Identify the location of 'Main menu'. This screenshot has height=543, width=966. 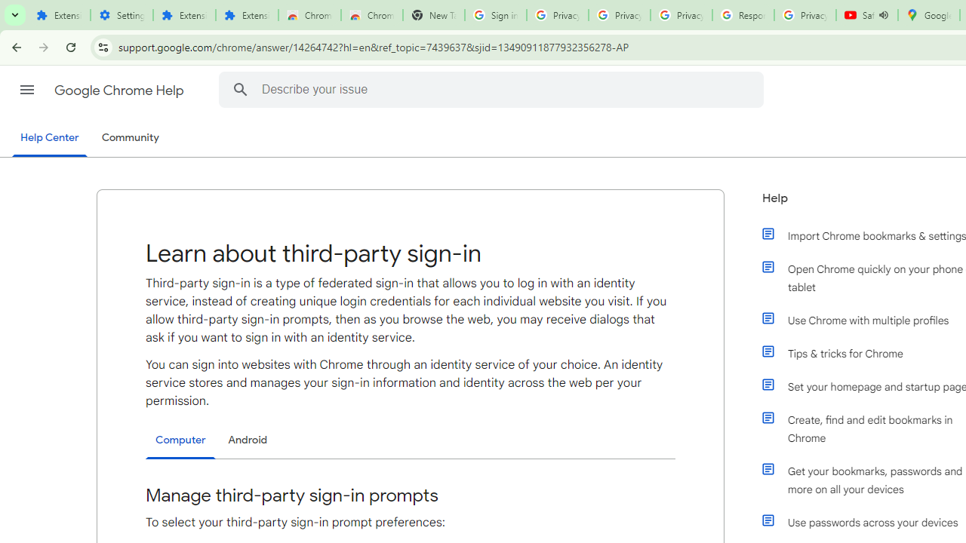
(26, 90).